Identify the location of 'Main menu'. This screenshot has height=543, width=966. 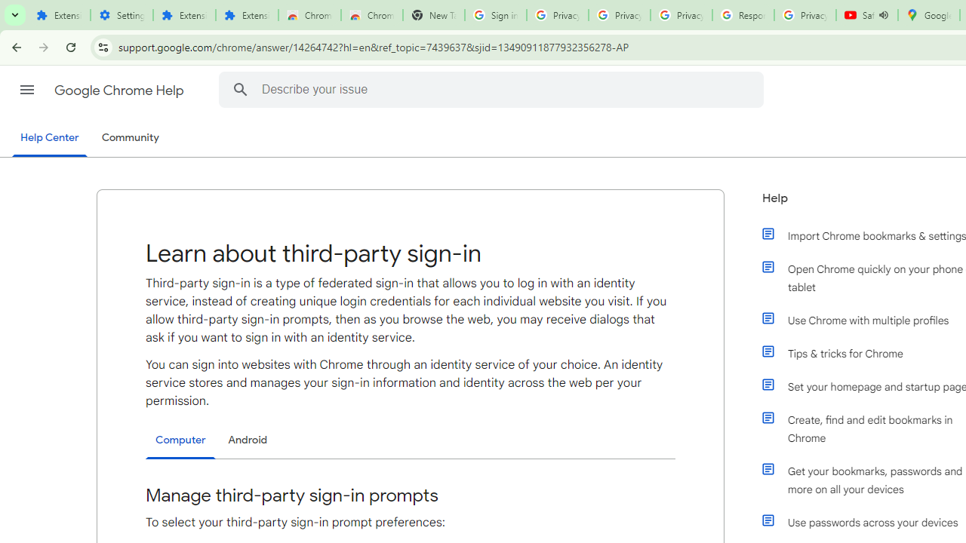
(26, 90).